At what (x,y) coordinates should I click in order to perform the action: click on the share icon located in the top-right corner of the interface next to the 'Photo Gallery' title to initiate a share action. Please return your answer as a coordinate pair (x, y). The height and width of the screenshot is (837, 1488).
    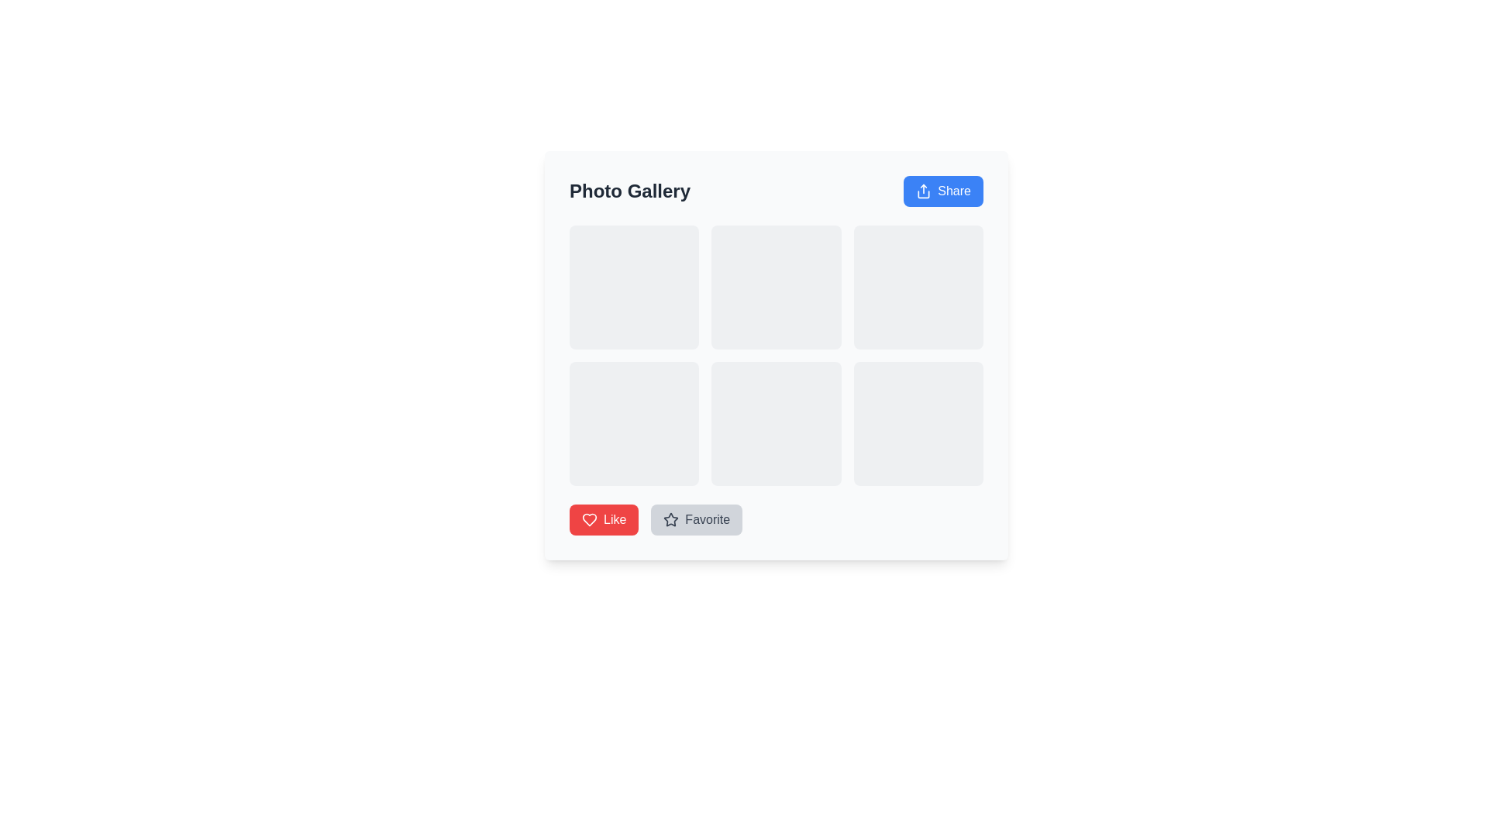
    Looking at the image, I should click on (924, 190).